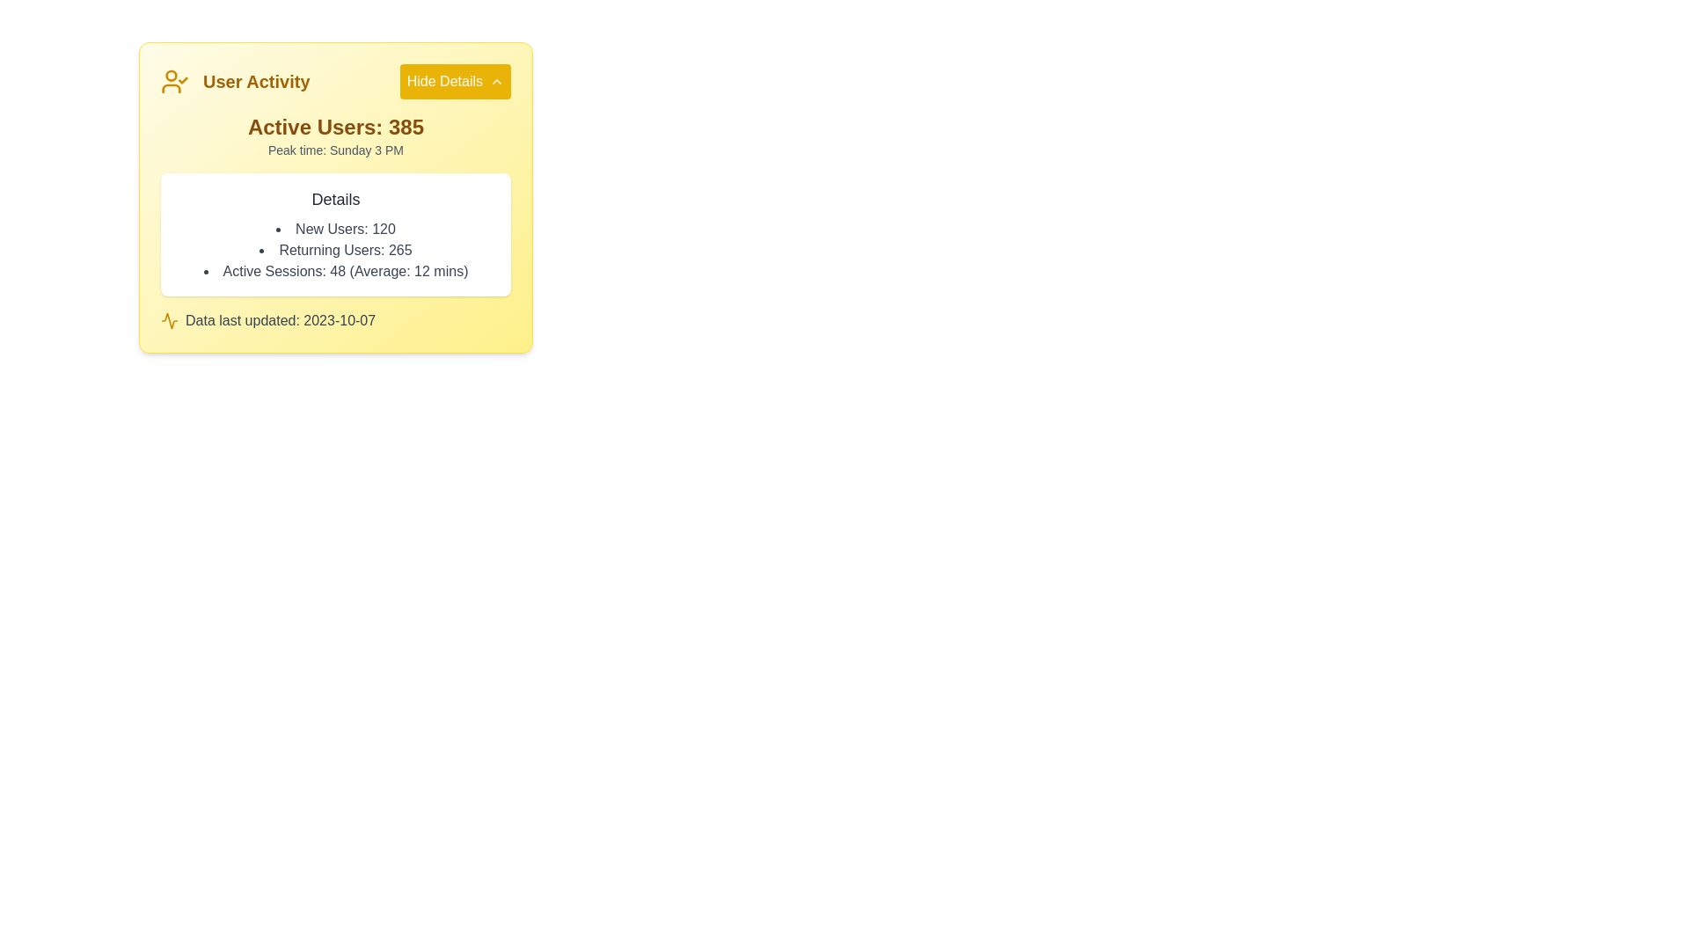 The height and width of the screenshot is (950, 1689). Describe the element at coordinates (336, 149) in the screenshot. I see `the Text label that displays peak usage time information for active users, located below the 'Active Users: 385' section in the yellow 'User Activity' panel` at that location.